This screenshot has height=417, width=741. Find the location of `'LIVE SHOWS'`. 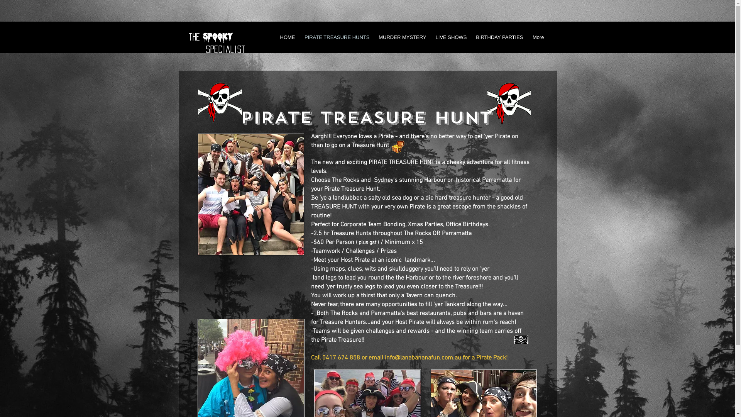

'LIVE SHOWS' is located at coordinates (451, 37).